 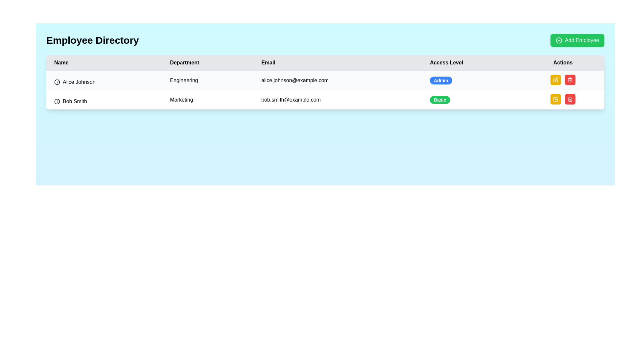 I want to click on the trash can button located in the 'Actions' column of the second row, associated with 'Bob Smith', so click(x=570, y=80).